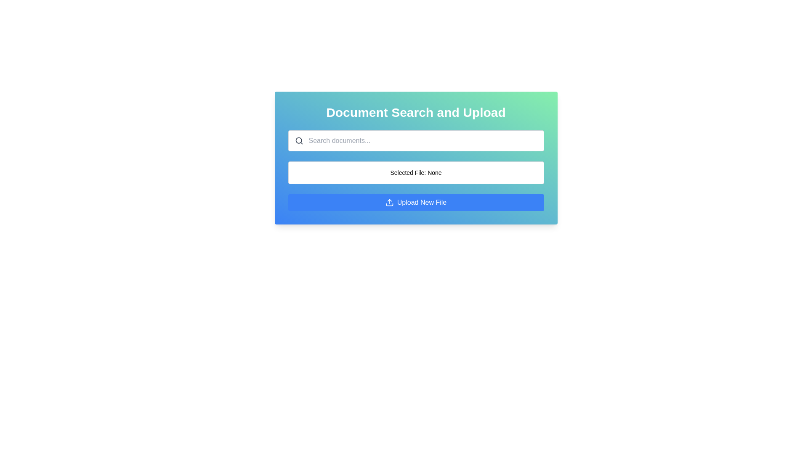  I want to click on the file upload button located at the bottom of the 'Document Search and Upload' panel, below the text 'Selected File: None', to upload a new file, so click(416, 203).